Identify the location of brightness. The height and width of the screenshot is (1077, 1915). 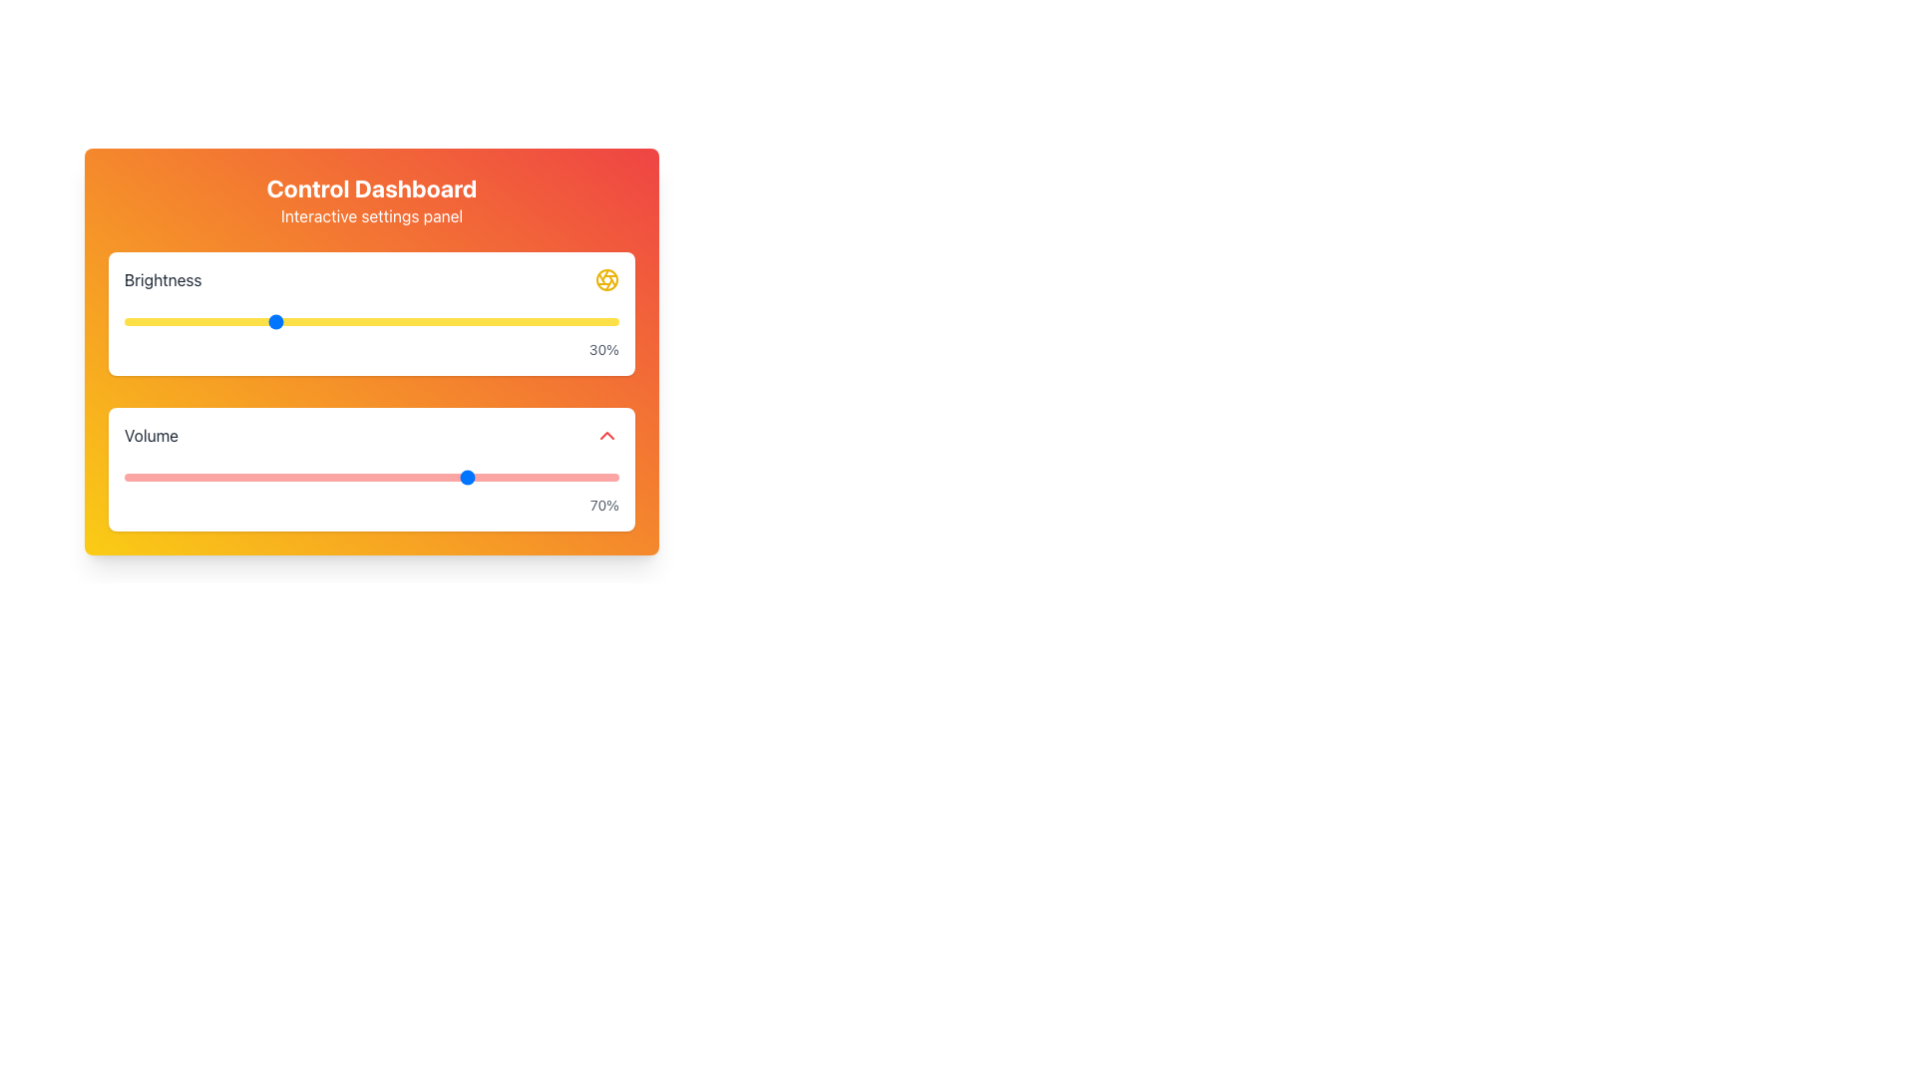
(420, 321).